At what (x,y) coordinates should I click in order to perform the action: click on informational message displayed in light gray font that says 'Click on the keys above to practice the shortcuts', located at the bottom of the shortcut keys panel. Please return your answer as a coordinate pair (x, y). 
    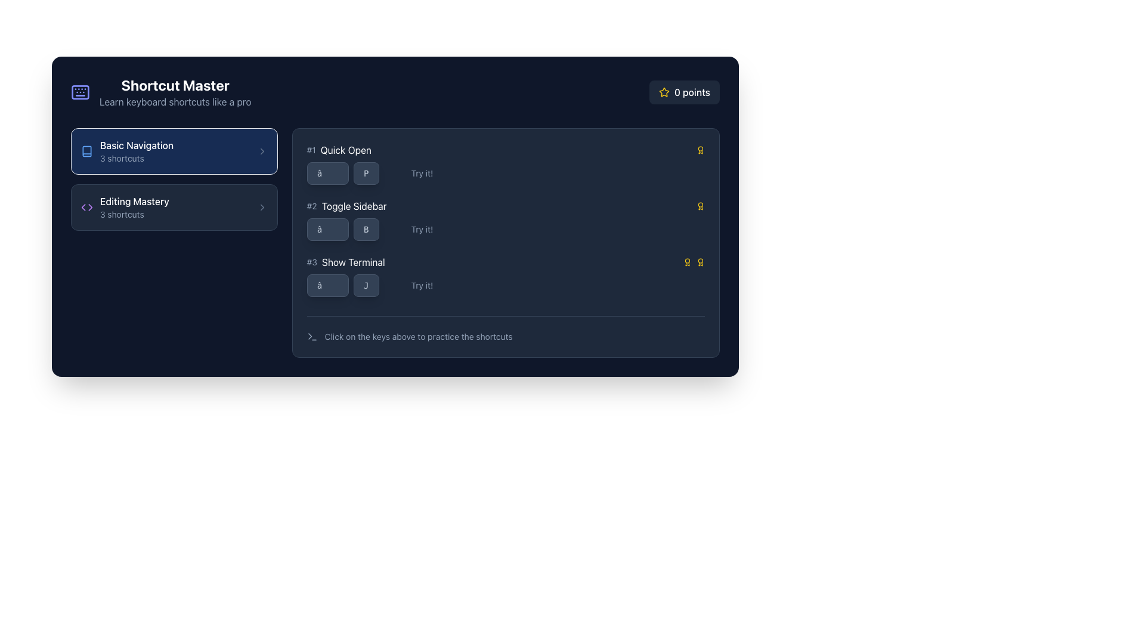
    Looking at the image, I should click on (506, 329).